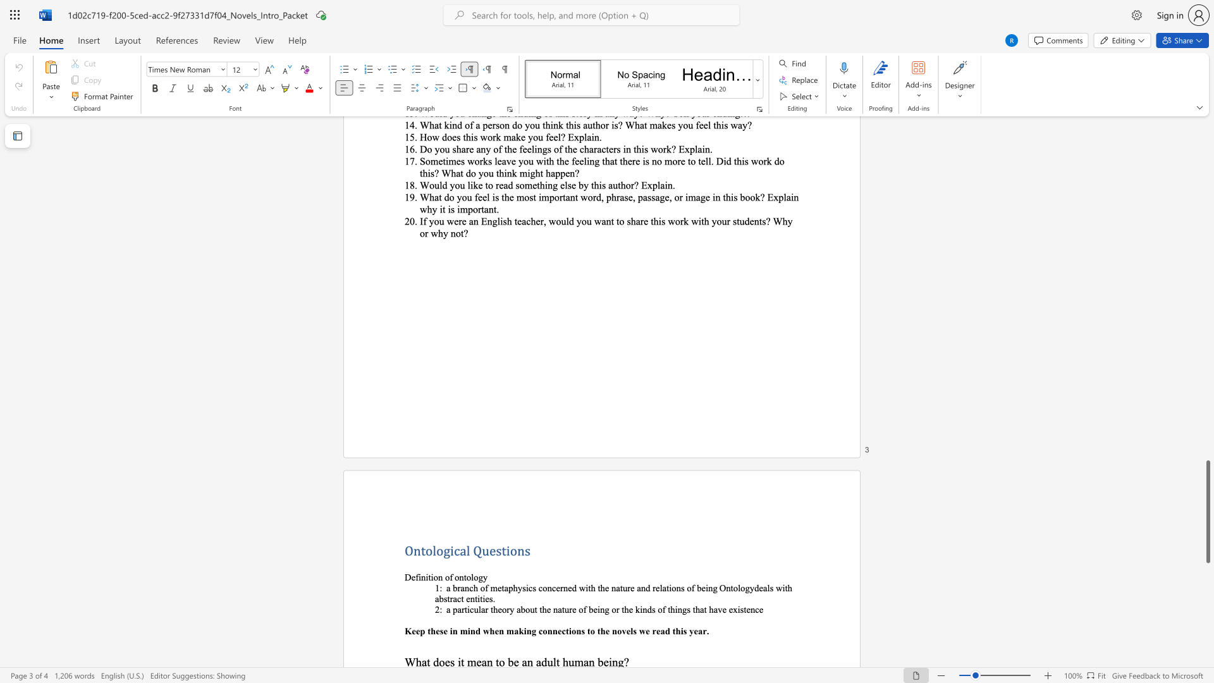 The height and width of the screenshot is (683, 1214). I want to click on the scrollbar on the right to shift the page higher, so click(1207, 366).